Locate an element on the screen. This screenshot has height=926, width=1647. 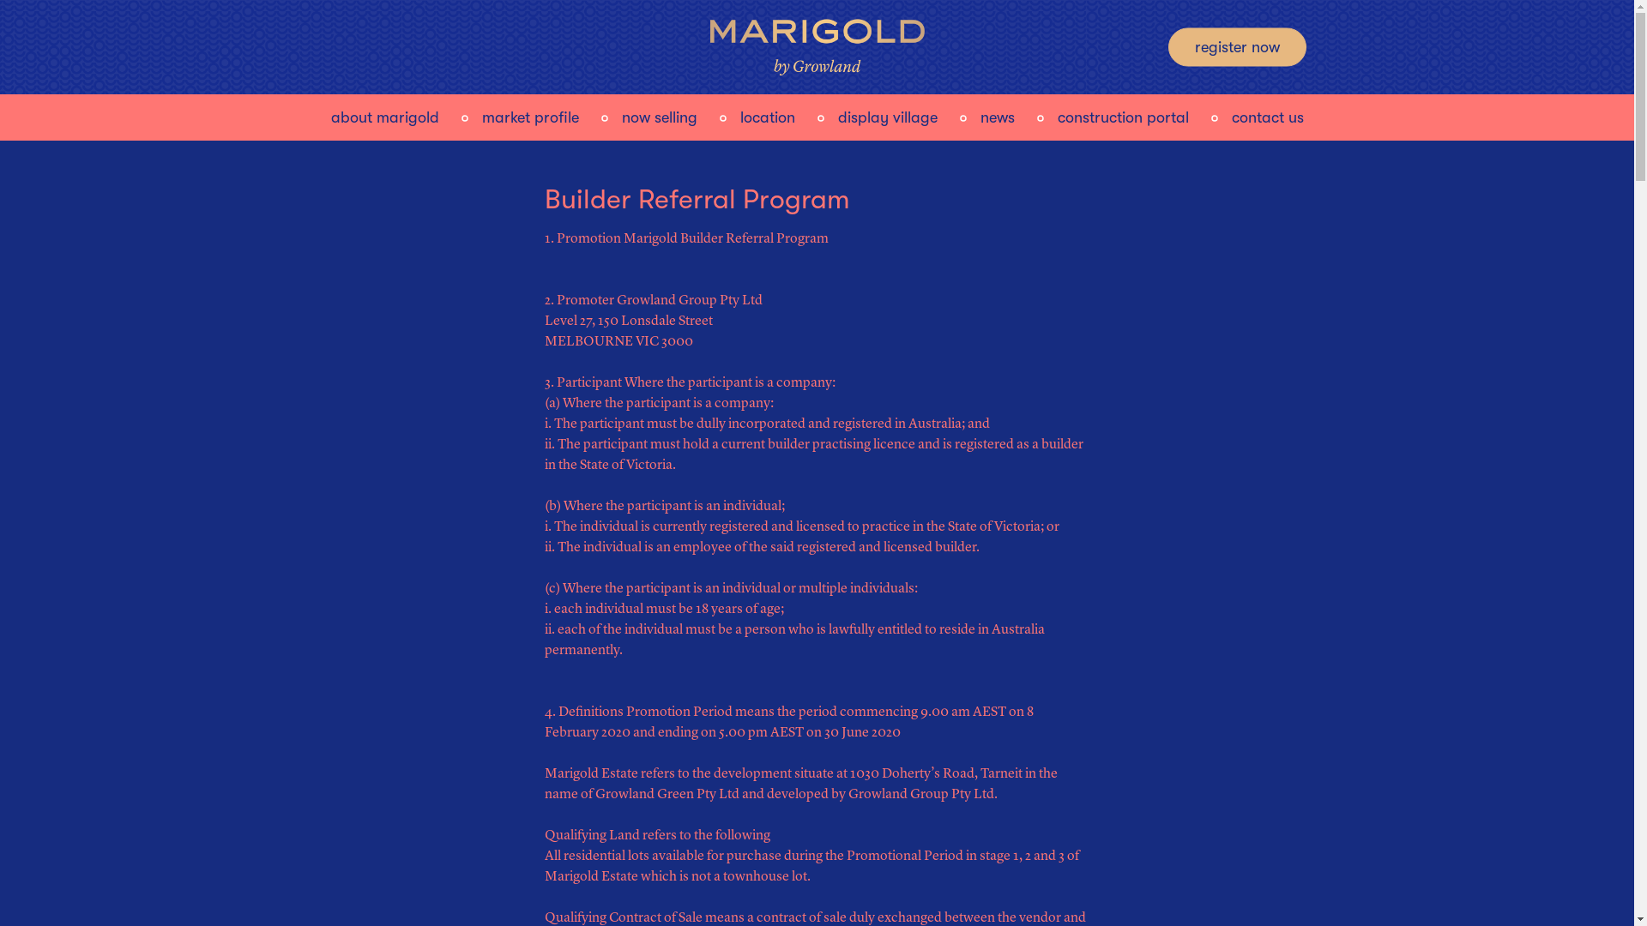
'construction portal' is located at coordinates (1122, 114).